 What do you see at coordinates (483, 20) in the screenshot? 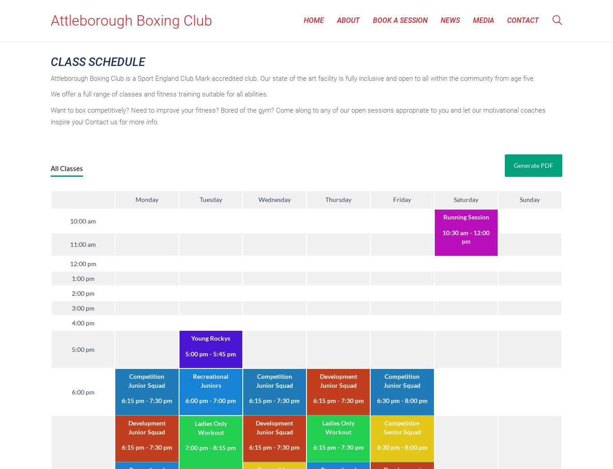
I see `'Media'` at bounding box center [483, 20].